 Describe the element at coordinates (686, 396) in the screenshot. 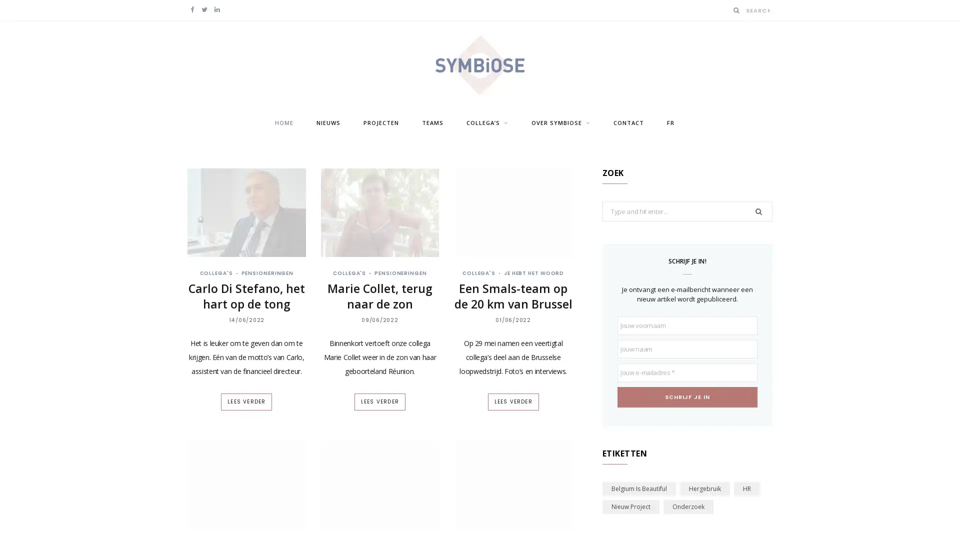

I see `Schrijf je in` at that location.